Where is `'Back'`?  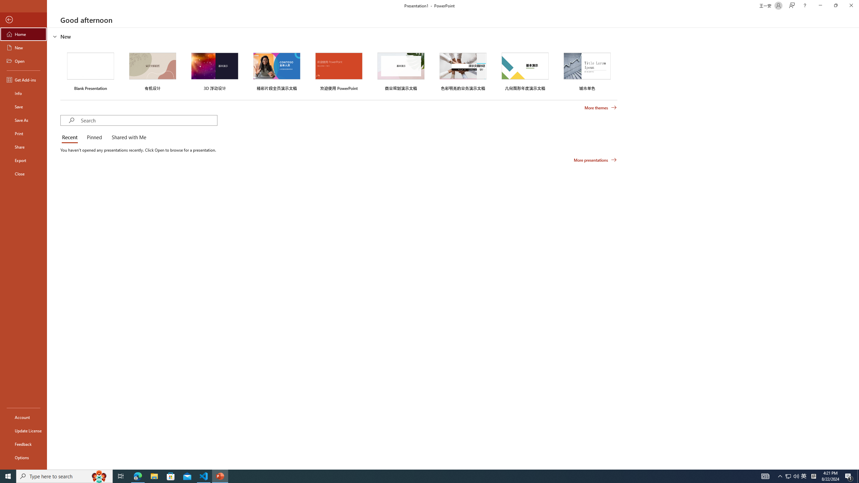 'Back' is located at coordinates (23, 19).